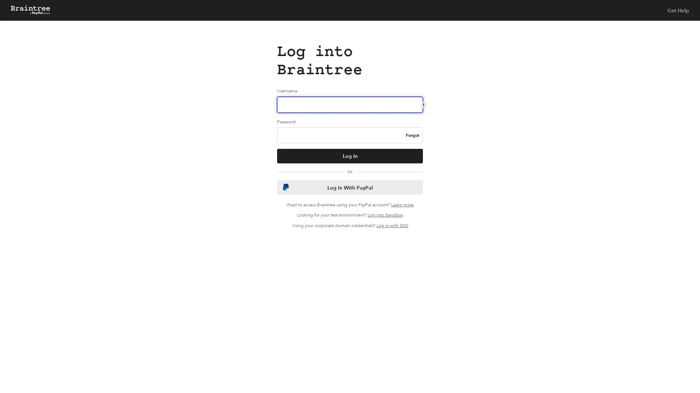  What do you see at coordinates (350, 155) in the screenshot?
I see `Log In` at bounding box center [350, 155].